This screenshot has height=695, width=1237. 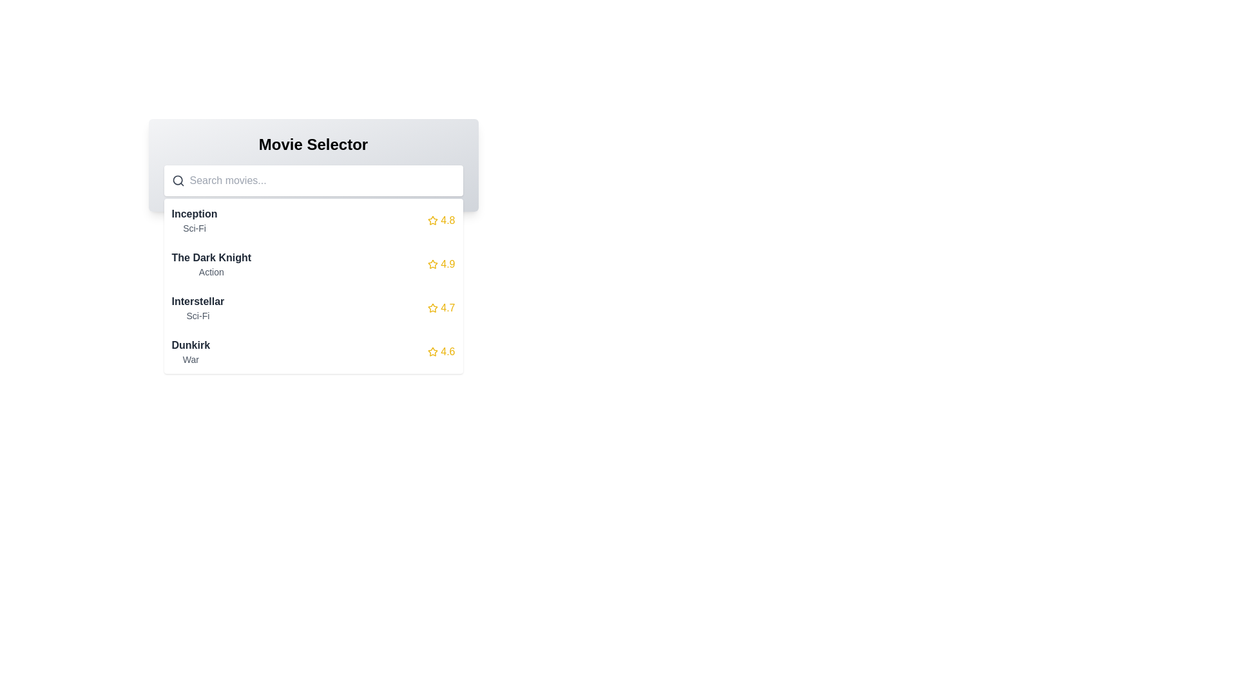 I want to click on the text label displaying 'The Dark Knight', which is the first line in the second entry of the 'Movie Selector' list, positioned between 'Inception' and 'Interstellar', so click(x=211, y=258).